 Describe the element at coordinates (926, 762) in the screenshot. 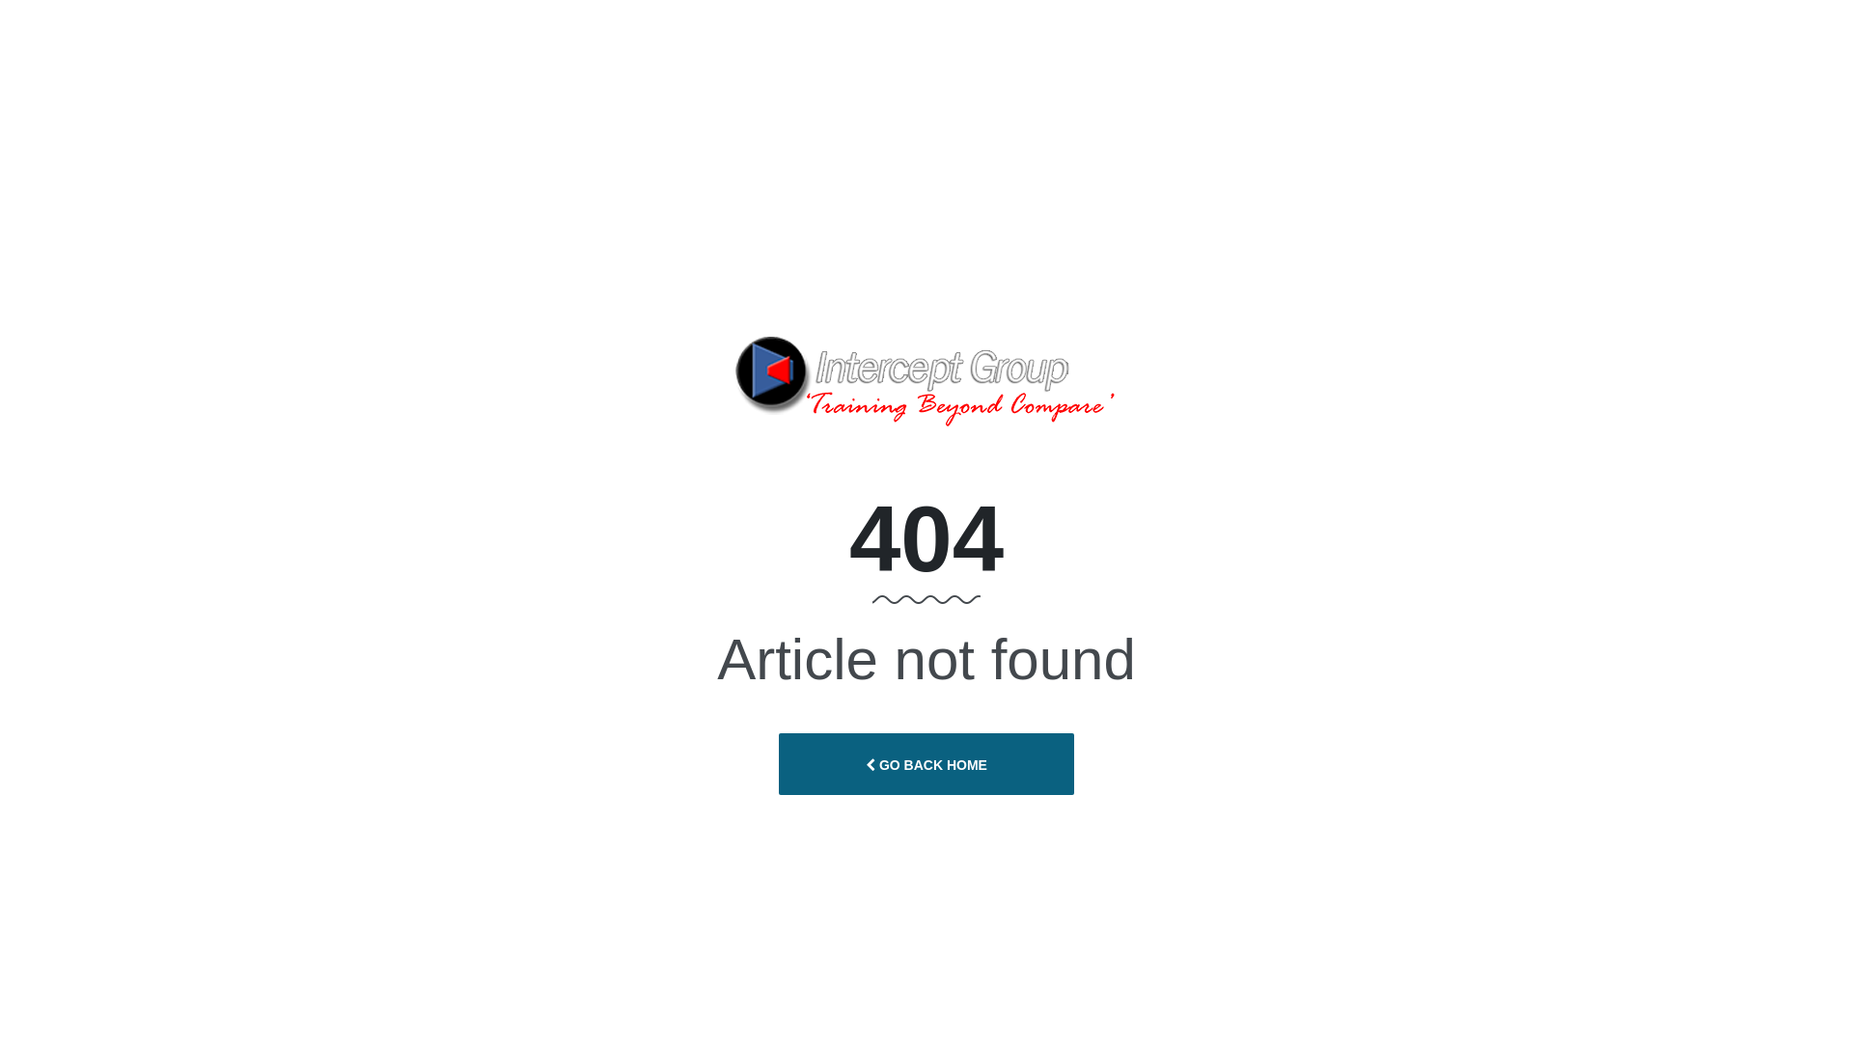

I see `'GO BACK HOME'` at that location.